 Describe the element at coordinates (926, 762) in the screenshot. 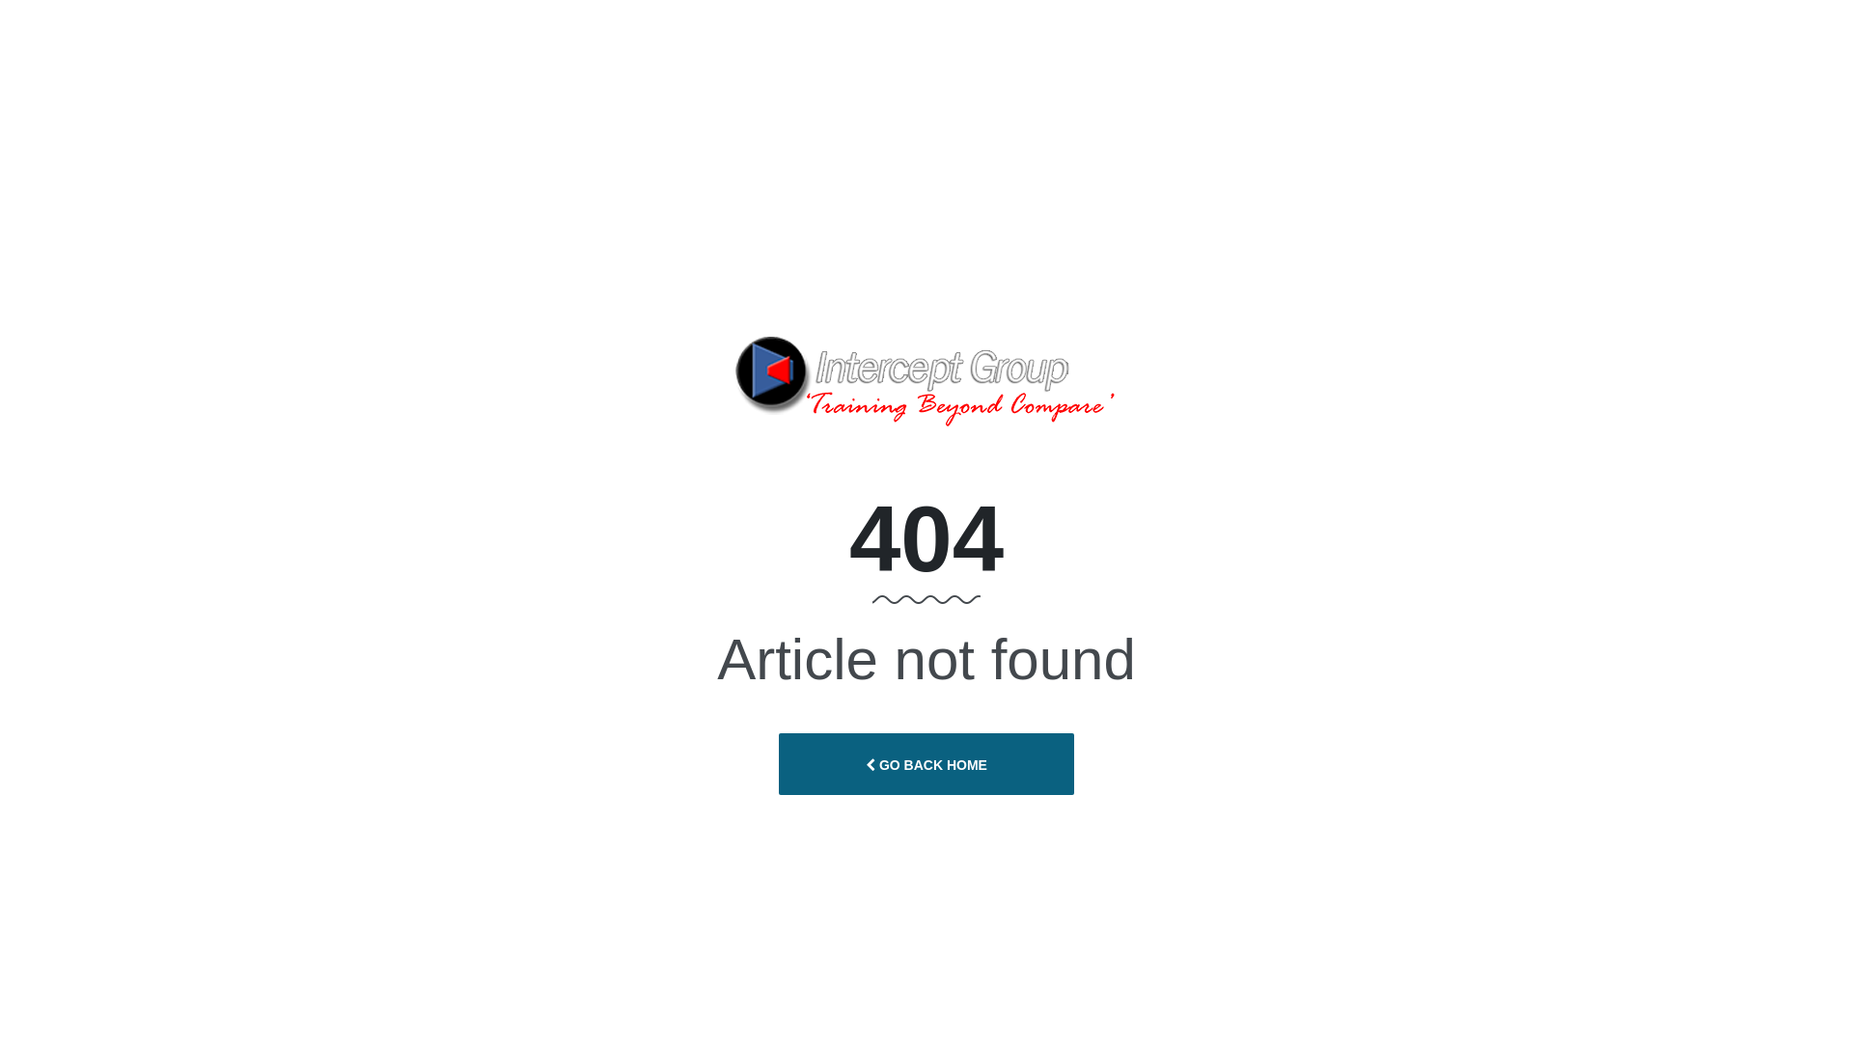

I see `'GO BACK HOME'` at that location.